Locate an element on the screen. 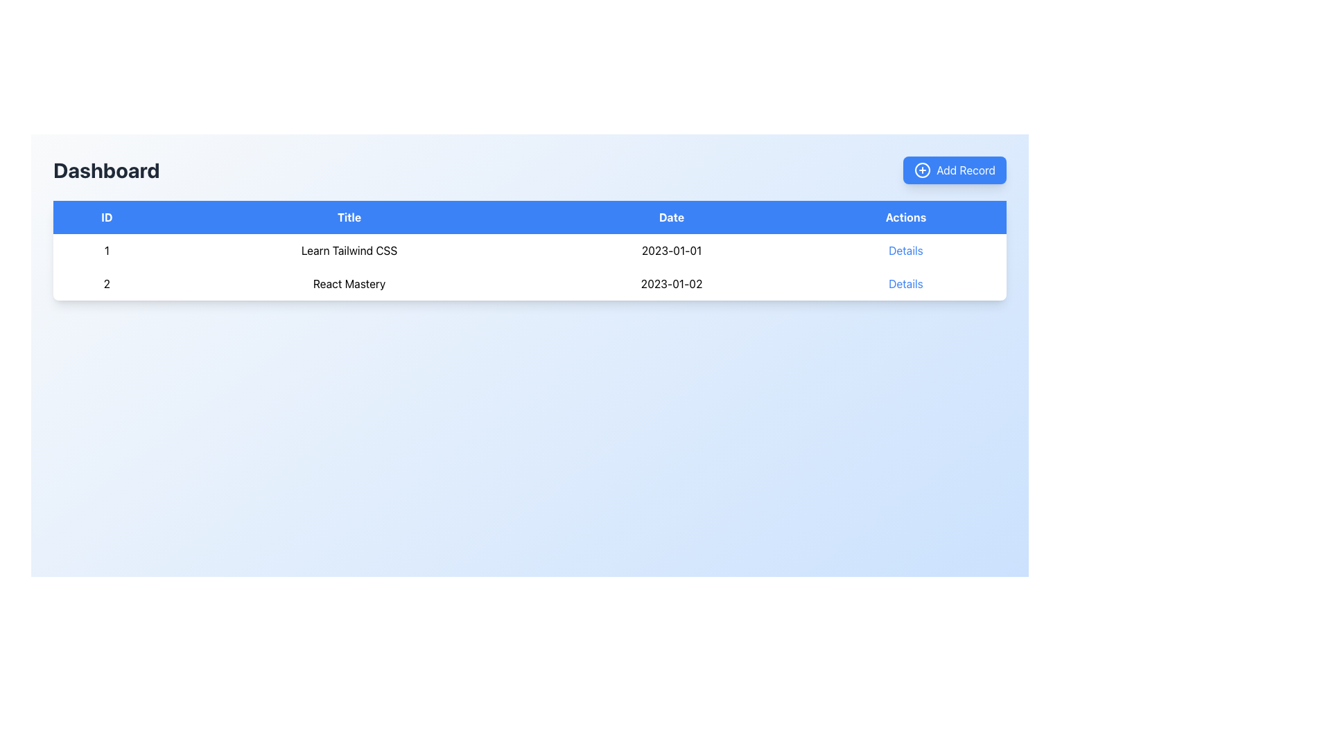 This screenshot has height=748, width=1331. the header cell located at the second position in the data table, which is between the 'ID' and 'Date' columns is located at coordinates (349, 217).